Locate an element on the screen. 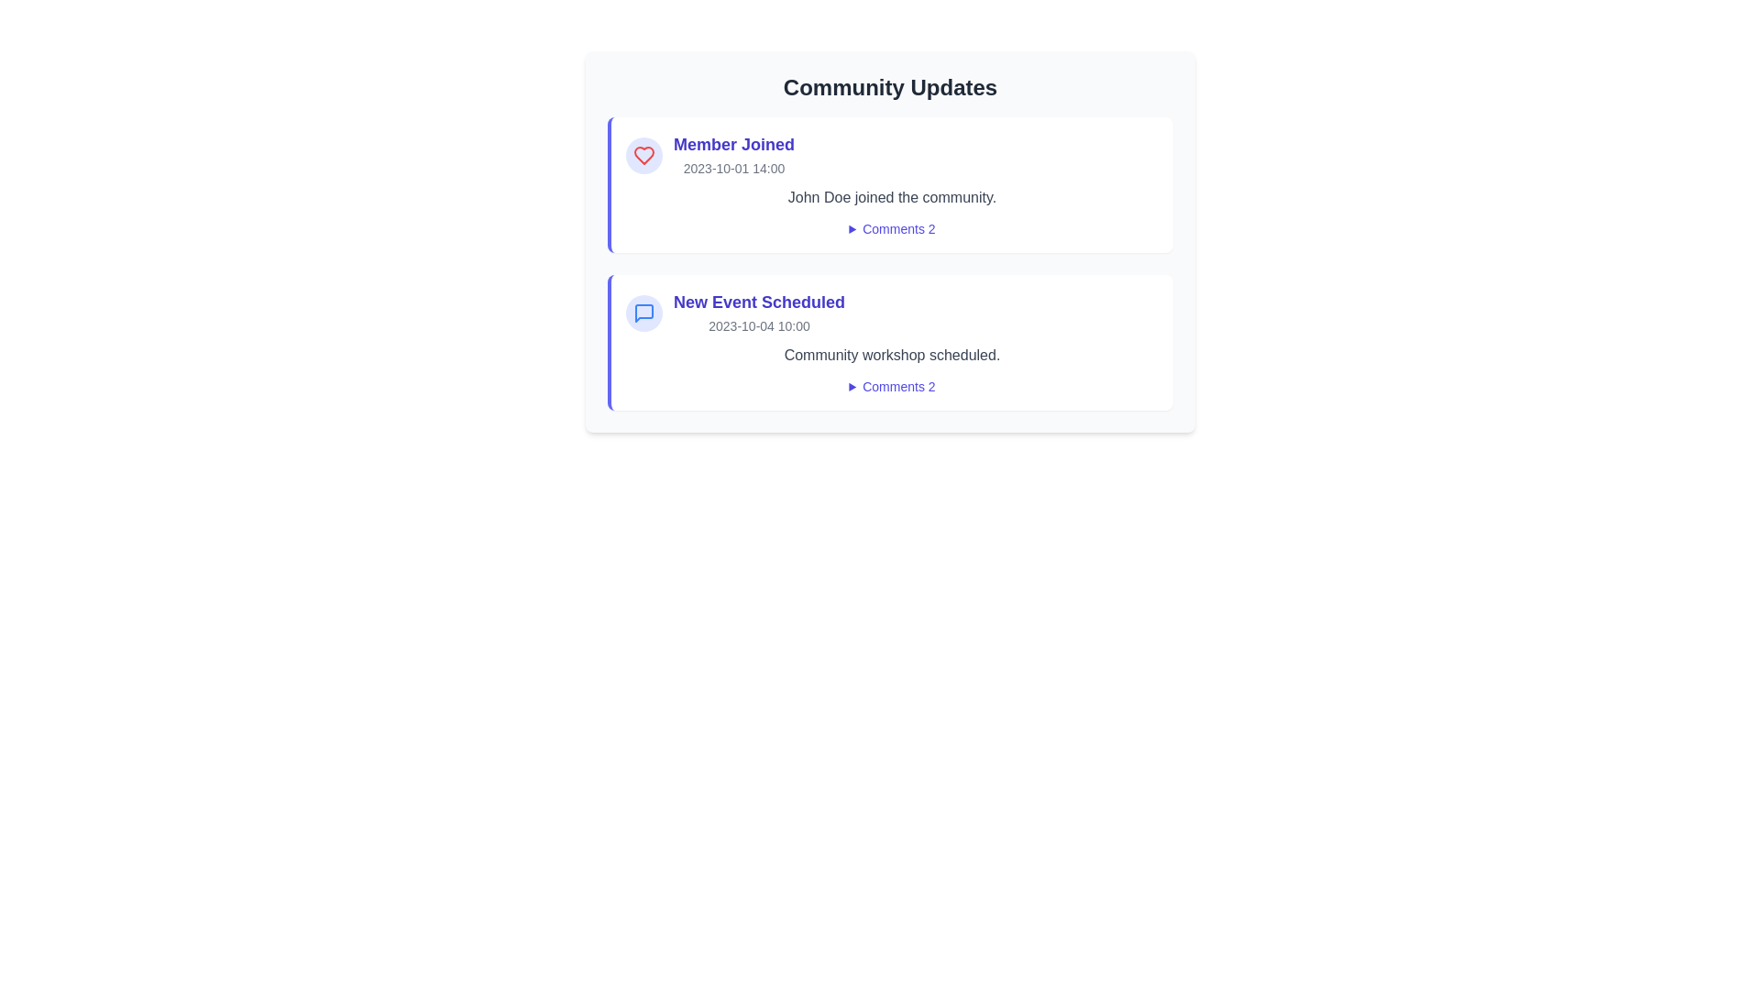  the static text label that displays the notification message informing users that John Doe has joined the community, located in the first card under the 'Community Updates' section, beneath the 'Member Joined' title and timestamp is located at coordinates (892, 198).